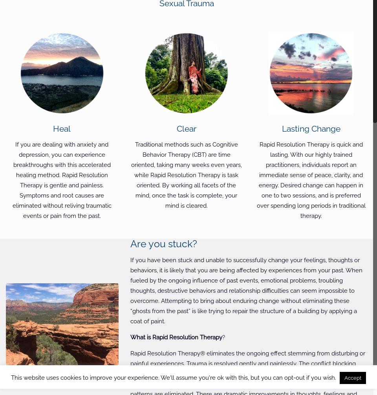 Image resolution: width=377 pixels, height=395 pixels. Describe the element at coordinates (311, 129) in the screenshot. I see `'Lasting Change'` at that location.